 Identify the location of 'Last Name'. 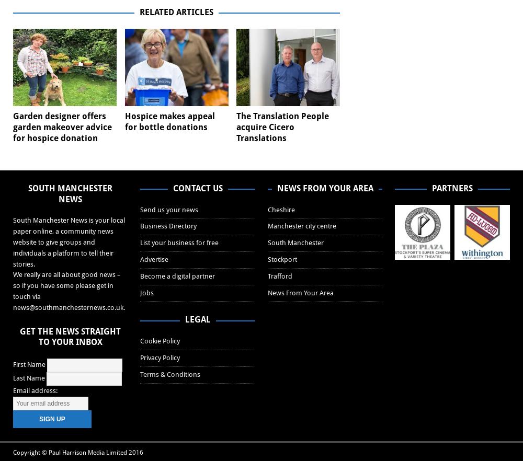
(29, 378).